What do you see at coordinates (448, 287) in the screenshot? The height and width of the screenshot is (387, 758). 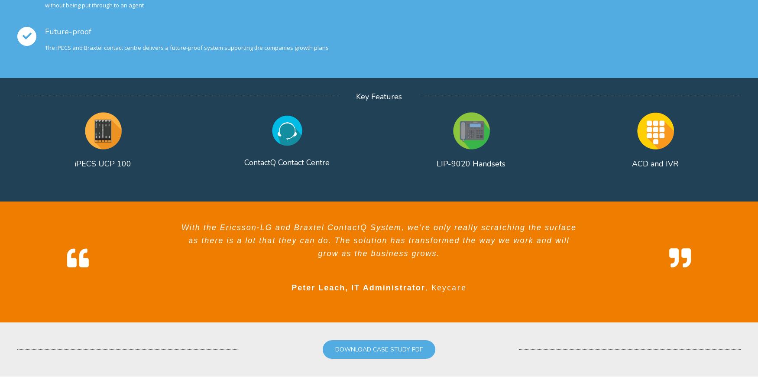 I see `'Keycare'` at bounding box center [448, 287].